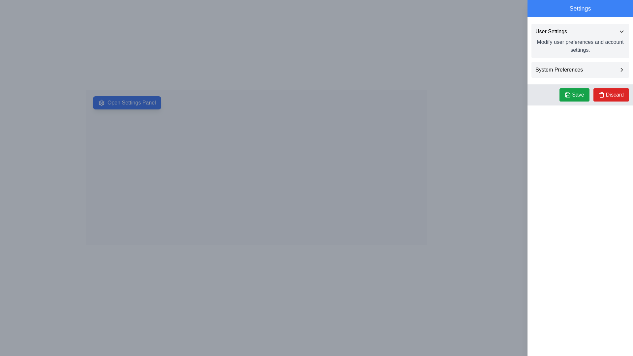 This screenshot has width=633, height=356. Describe the element at coordinates (611, 95) in the screenshot. I see `the discard changes button located to the right of the green 'Save' button` at that location.